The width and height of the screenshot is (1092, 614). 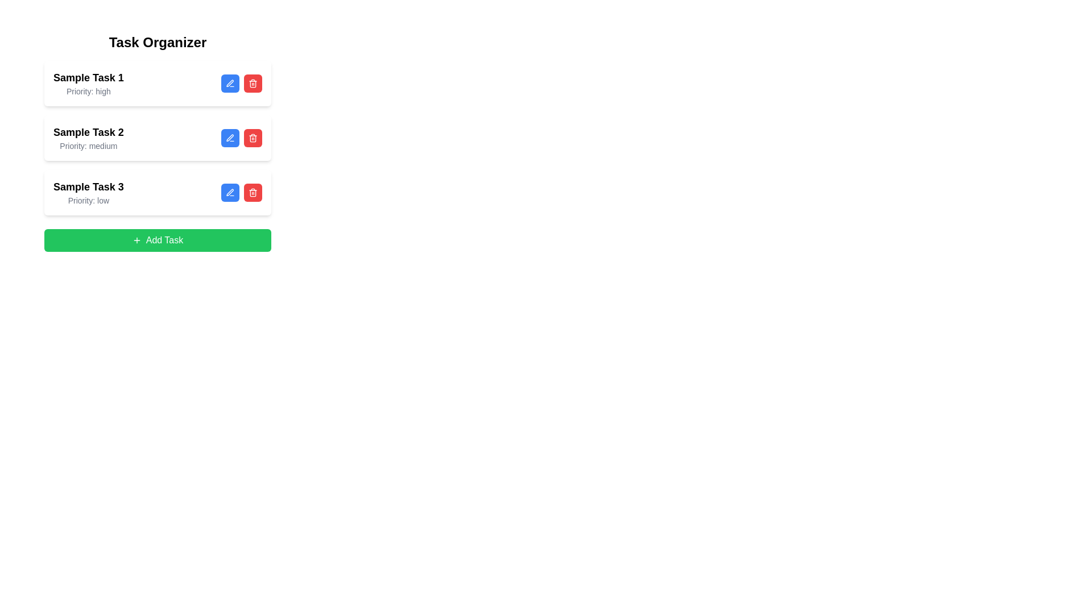 I want to click on the edit icon located within the blue button to the right of 'Sample Task 1' in the first task card, so click(x=229, y=82).